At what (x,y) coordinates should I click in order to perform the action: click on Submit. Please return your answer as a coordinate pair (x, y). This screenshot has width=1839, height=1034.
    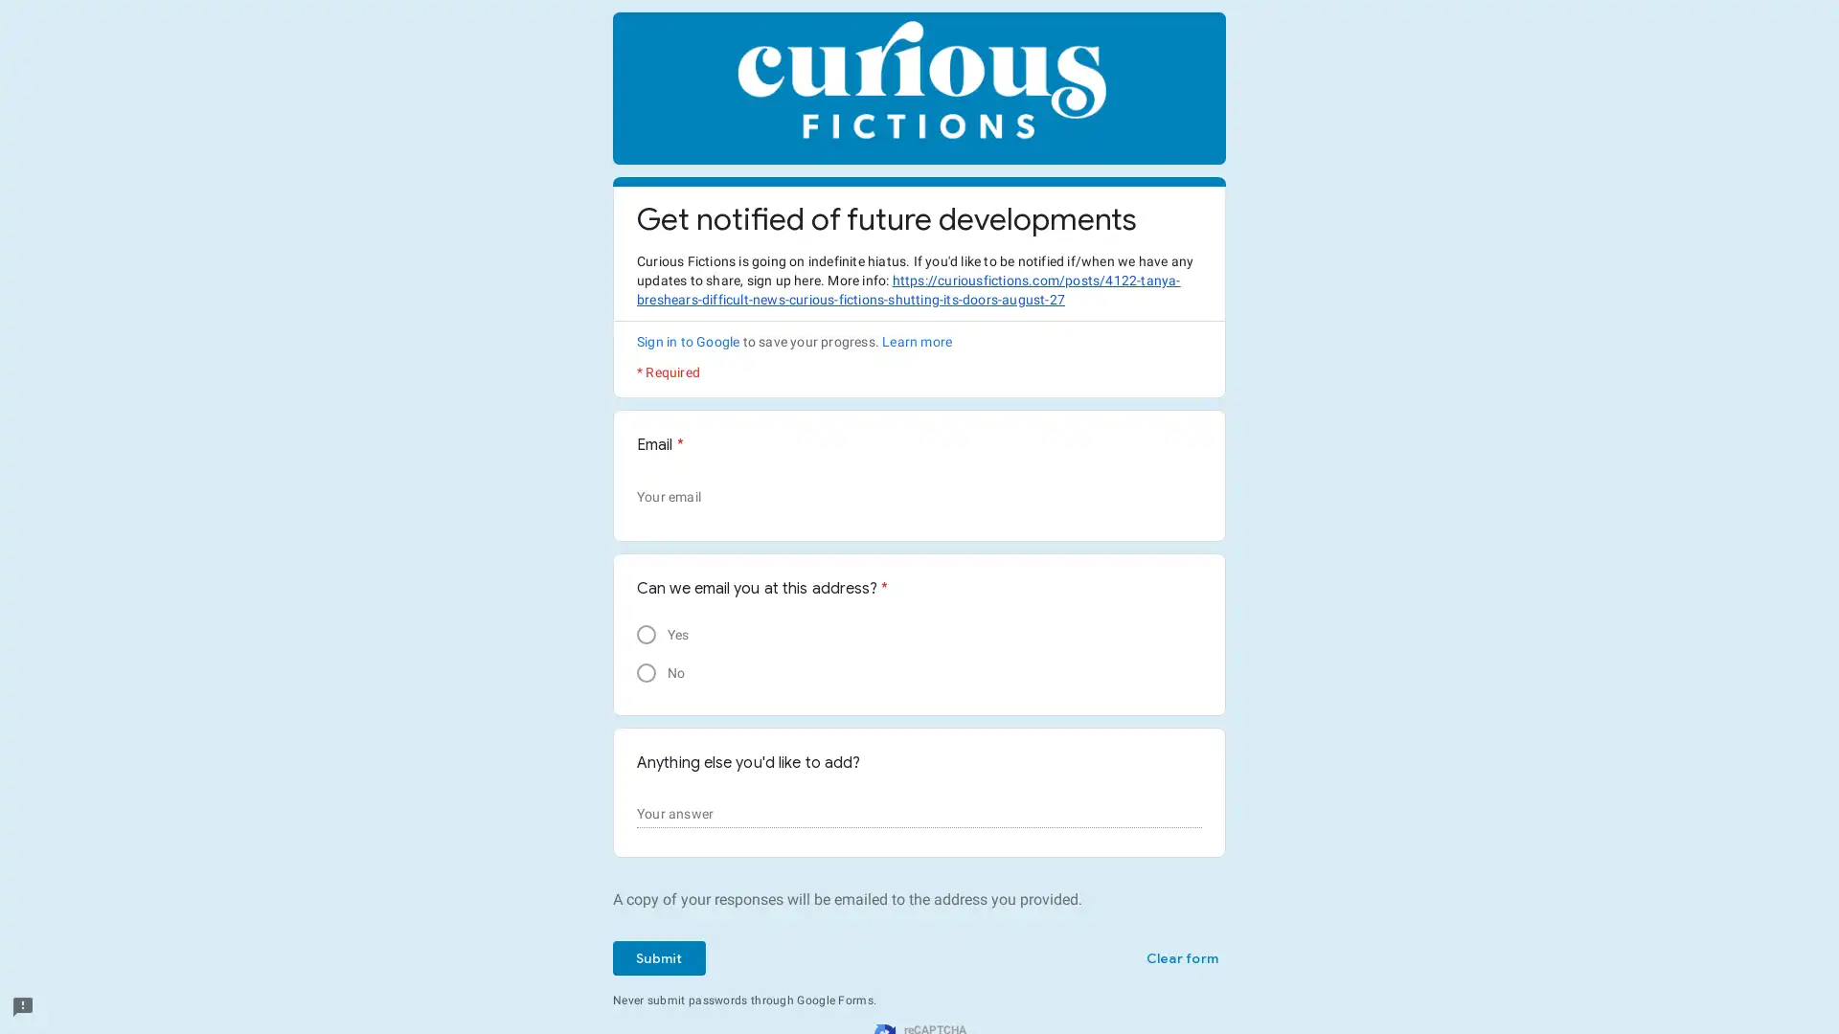
    Looking at the image, I should click on (658, 958).